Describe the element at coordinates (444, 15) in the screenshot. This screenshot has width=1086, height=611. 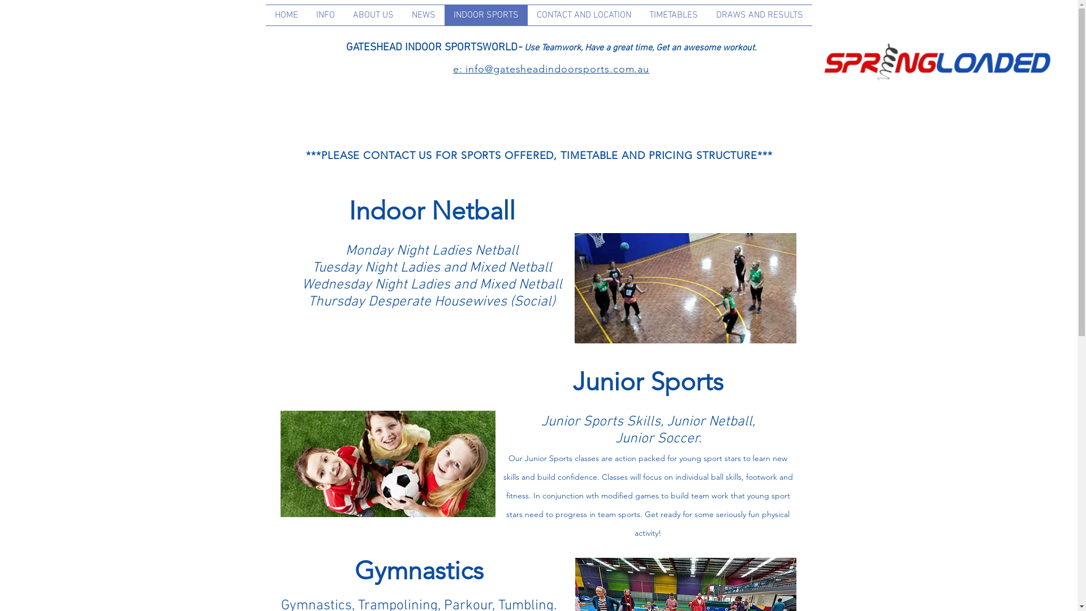
I see `'INDOOR SPORTS'` at that location.